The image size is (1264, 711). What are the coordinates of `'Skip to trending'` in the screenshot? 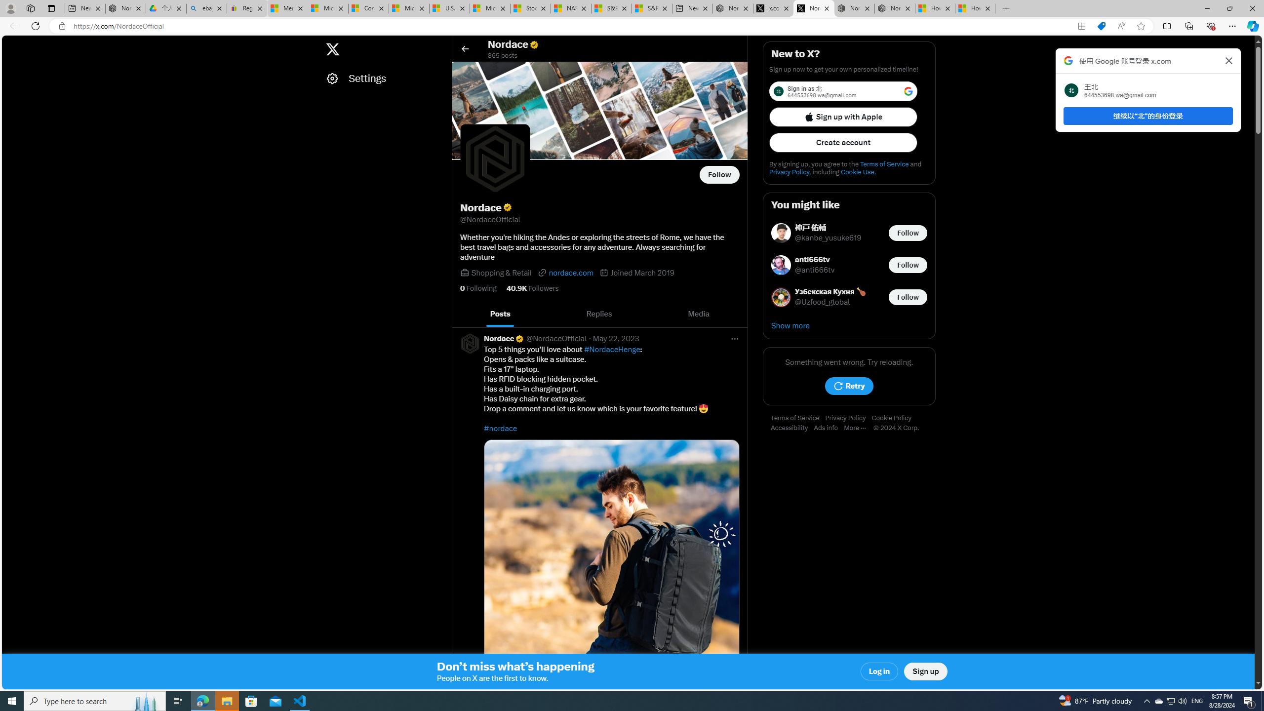 It's located at (11, 44).